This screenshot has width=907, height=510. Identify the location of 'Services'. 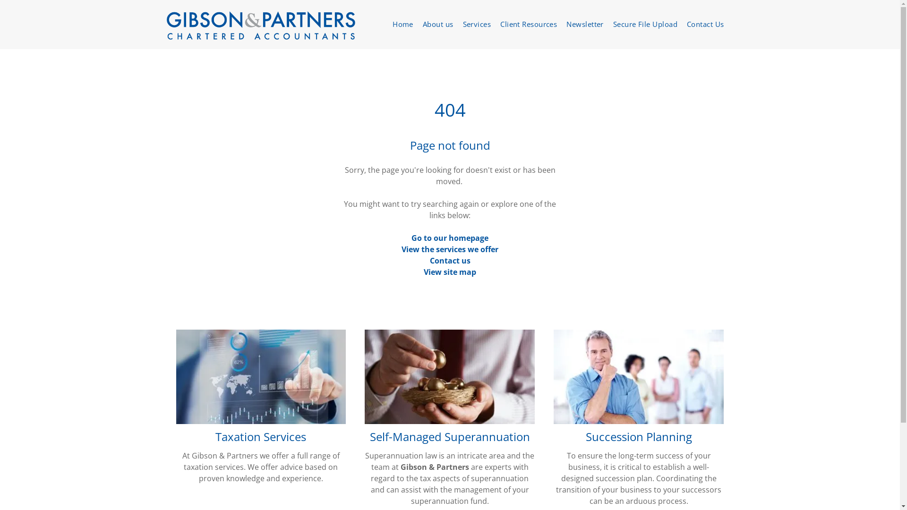
(477, 24).